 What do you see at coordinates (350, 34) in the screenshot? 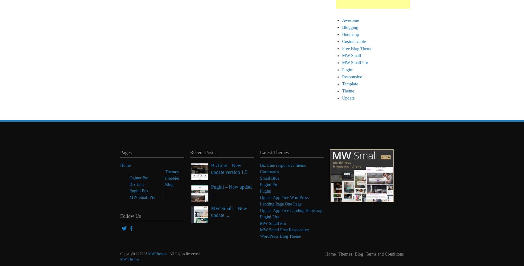
I see `'Bootstrap'` at bounding box center [350, 34].